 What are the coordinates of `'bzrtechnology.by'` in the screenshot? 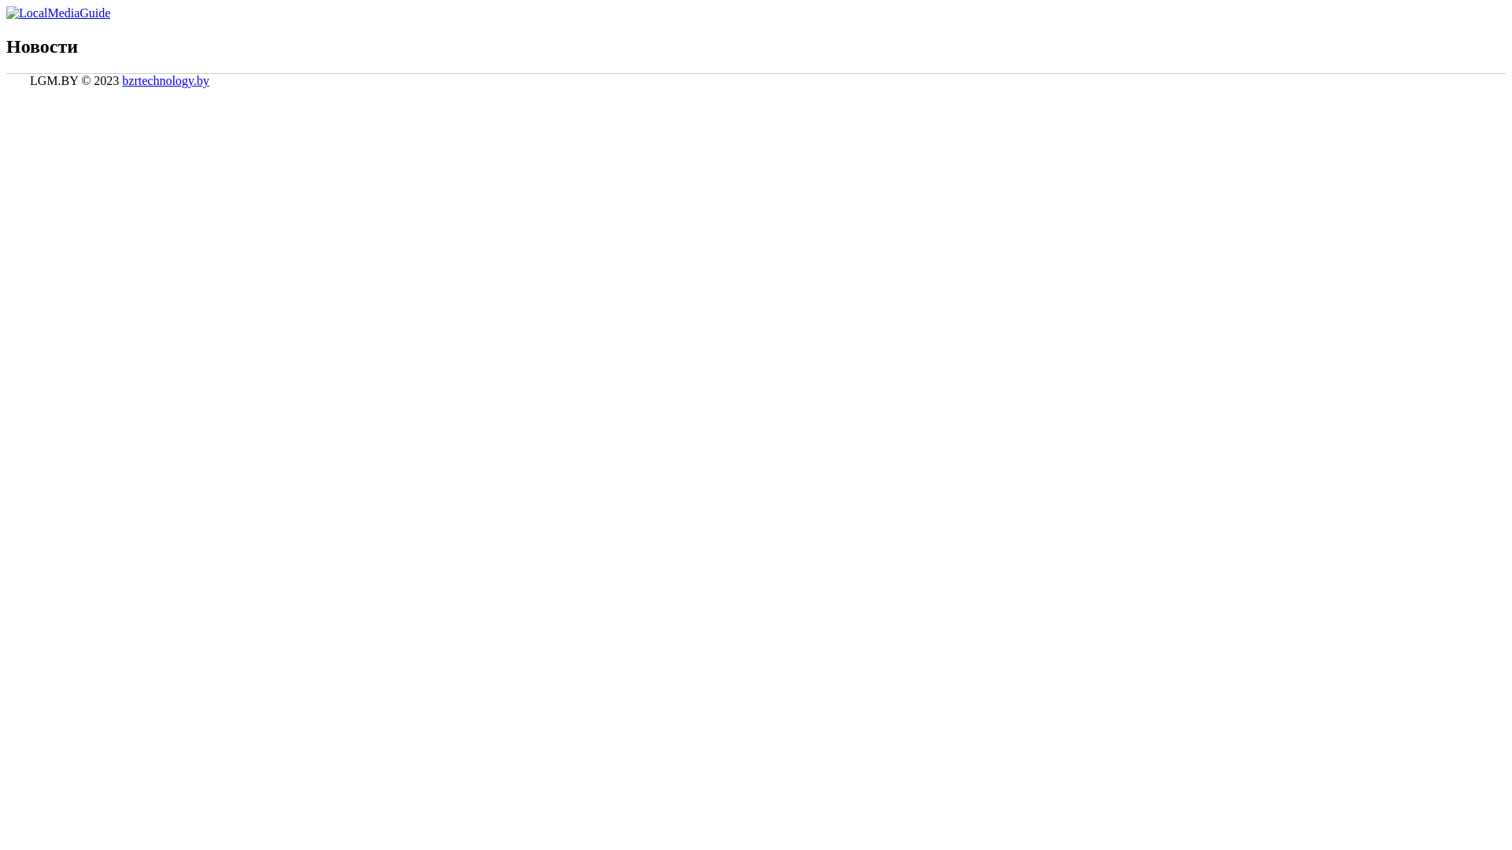 It's located at (165, 80).